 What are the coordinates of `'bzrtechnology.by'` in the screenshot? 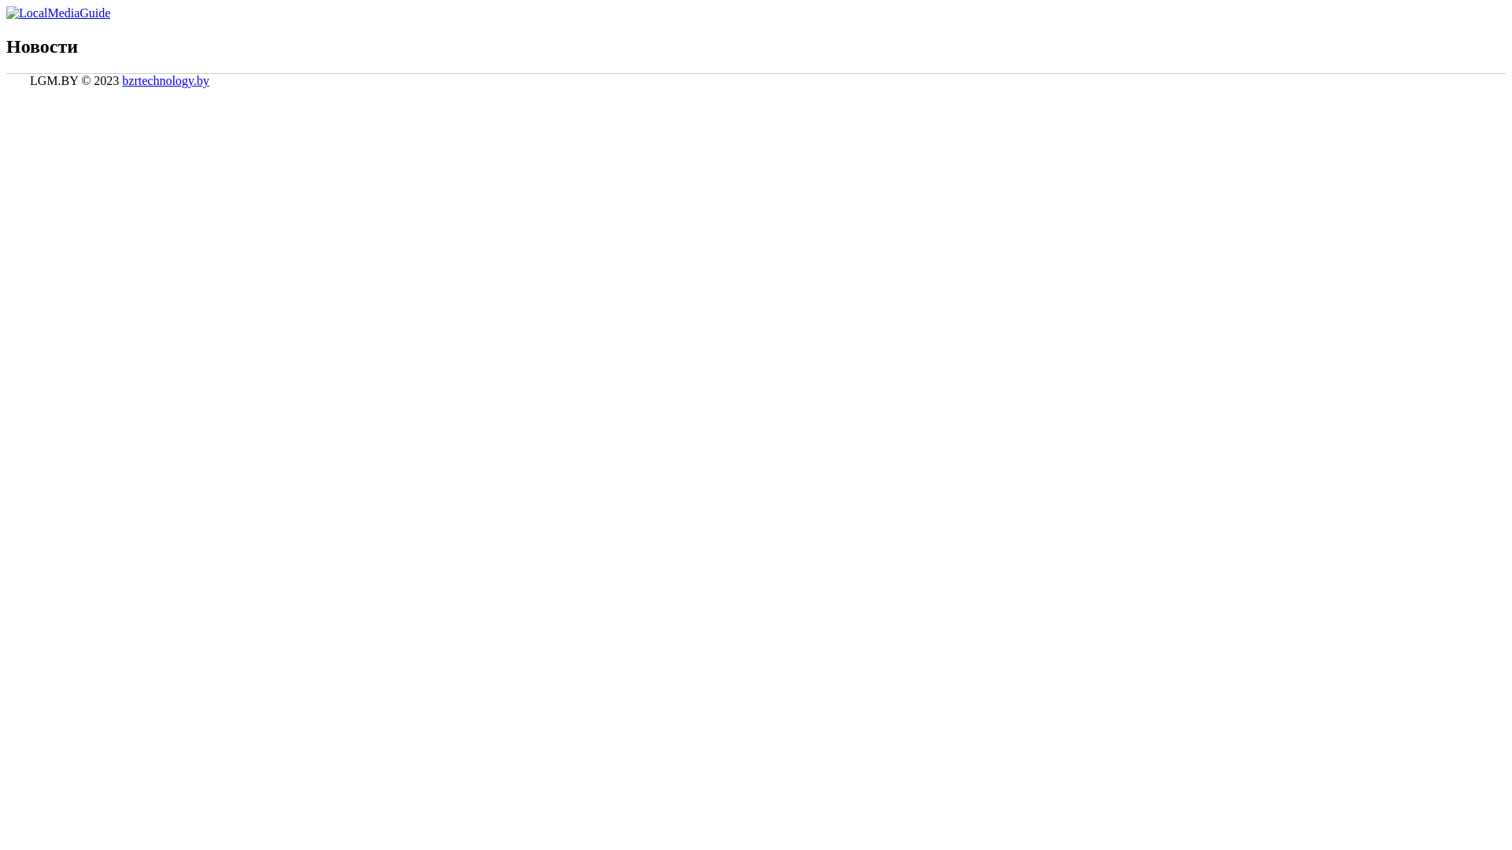 It's located at (165, 80).